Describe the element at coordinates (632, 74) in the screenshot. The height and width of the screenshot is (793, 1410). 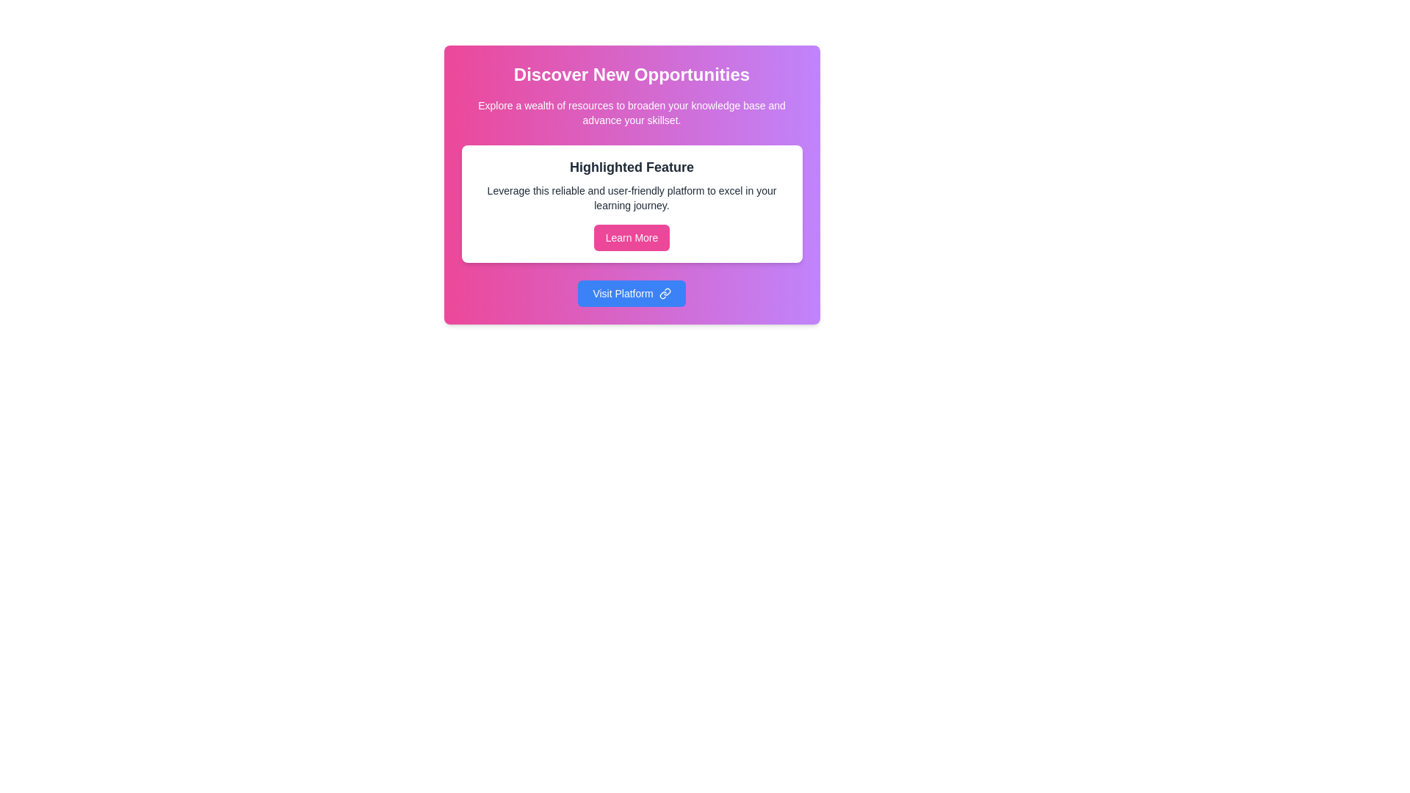
I see `bold and large text header stating 'Discover New Opportunities', which is centered at the top of a rounded rectangular card-like interface with a gradient background` at that location.